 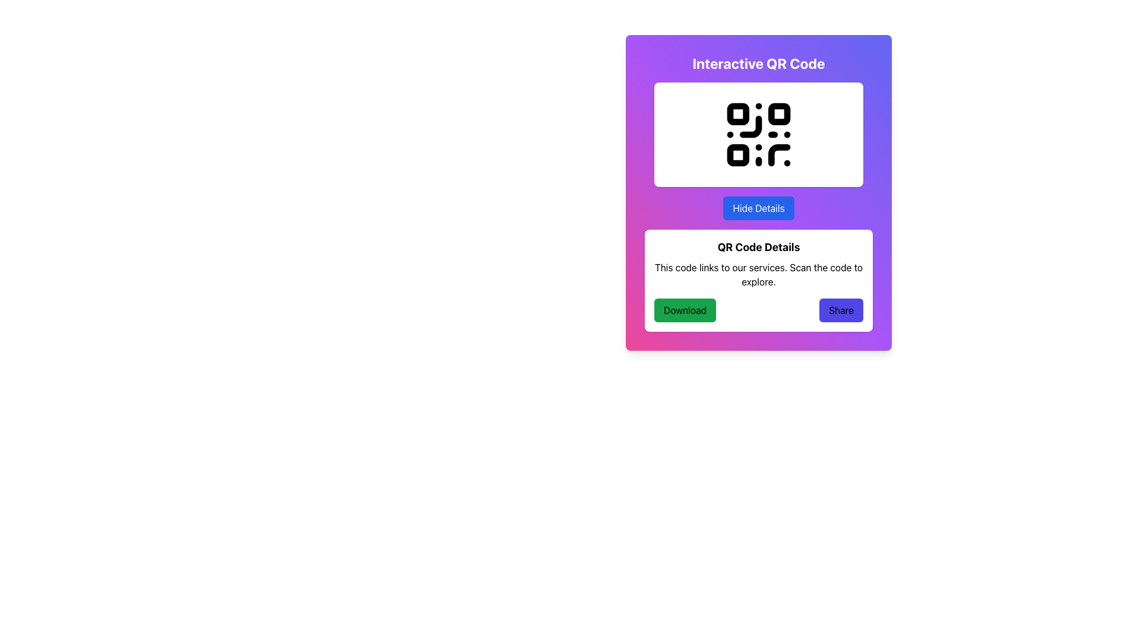 What do you see at coordinates (758, 274) in the screenshot?
I see `the descriptive text block that provides information about the QR code, located below the 'QR Code Details' title` at bounding box center [758, 274].